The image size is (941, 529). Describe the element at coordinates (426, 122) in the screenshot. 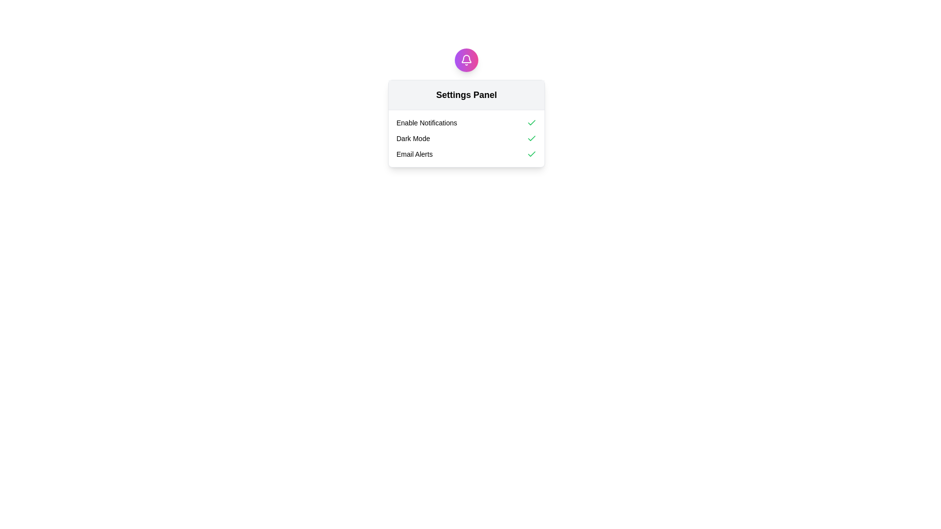

I see `text label displaying 'Enable Notifications' located in the upper portion of the settings panel, which is the first item in a vertically-aligned list of settings options` at that location.